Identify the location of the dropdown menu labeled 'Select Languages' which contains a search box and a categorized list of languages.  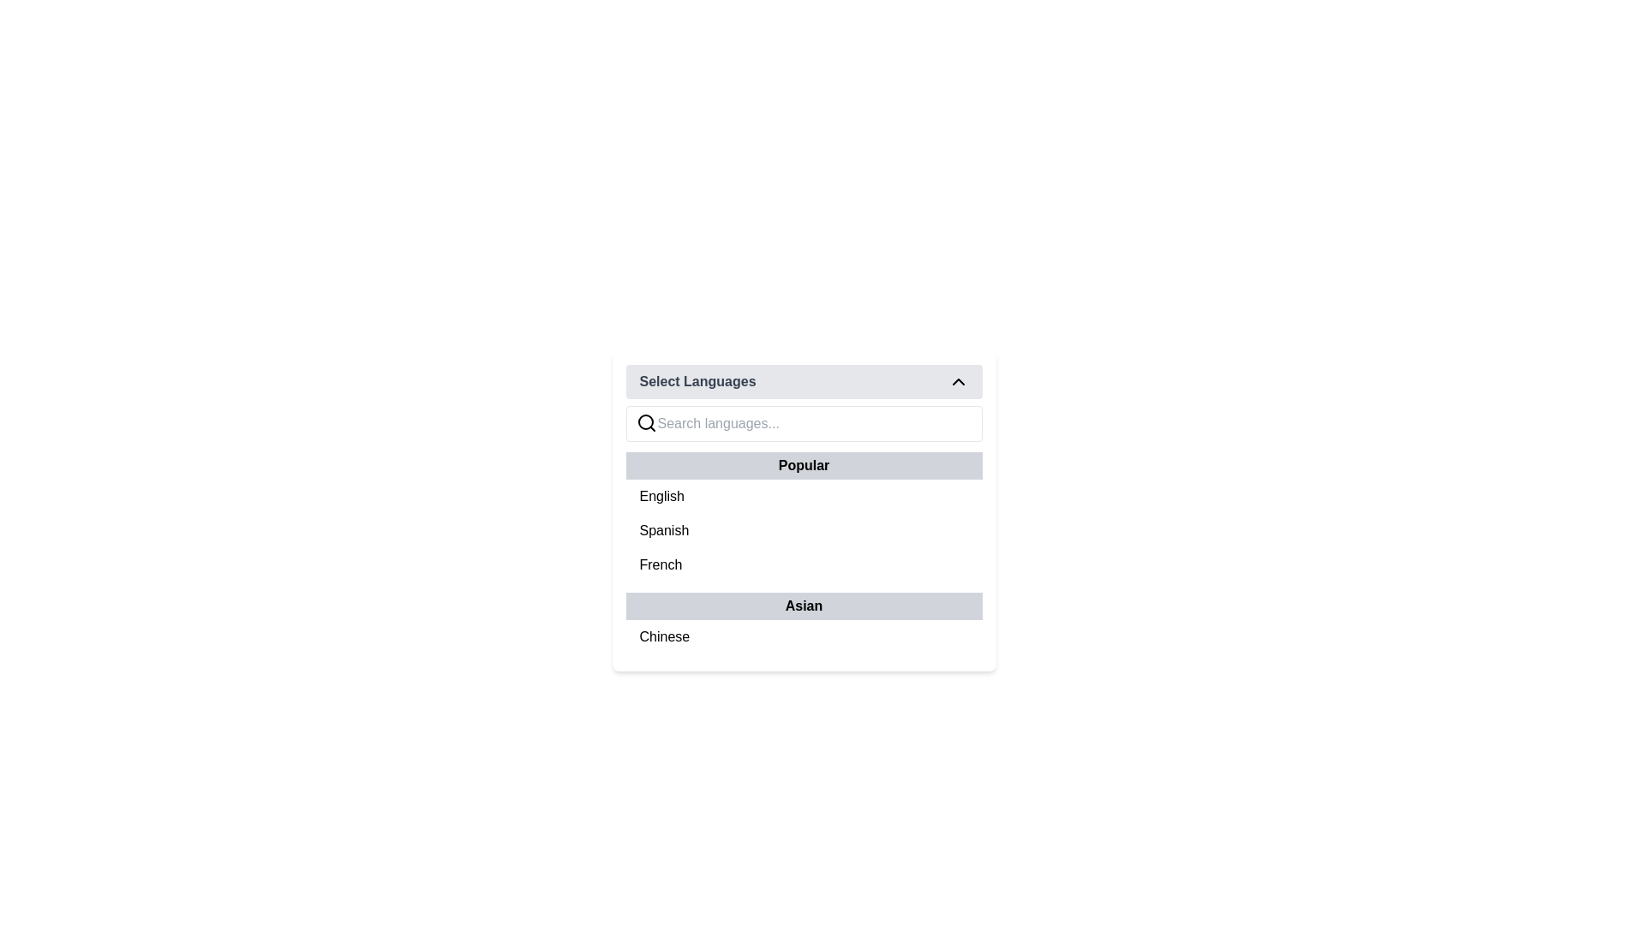
(803, 510).